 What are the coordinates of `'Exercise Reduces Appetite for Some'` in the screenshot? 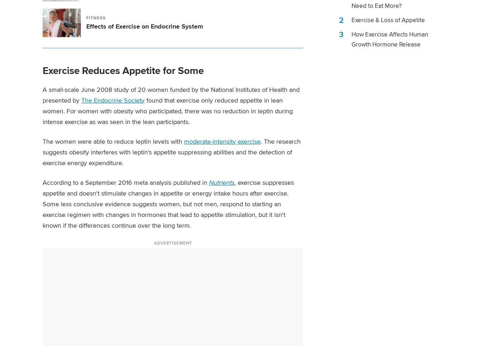 It's located at (122, 70).